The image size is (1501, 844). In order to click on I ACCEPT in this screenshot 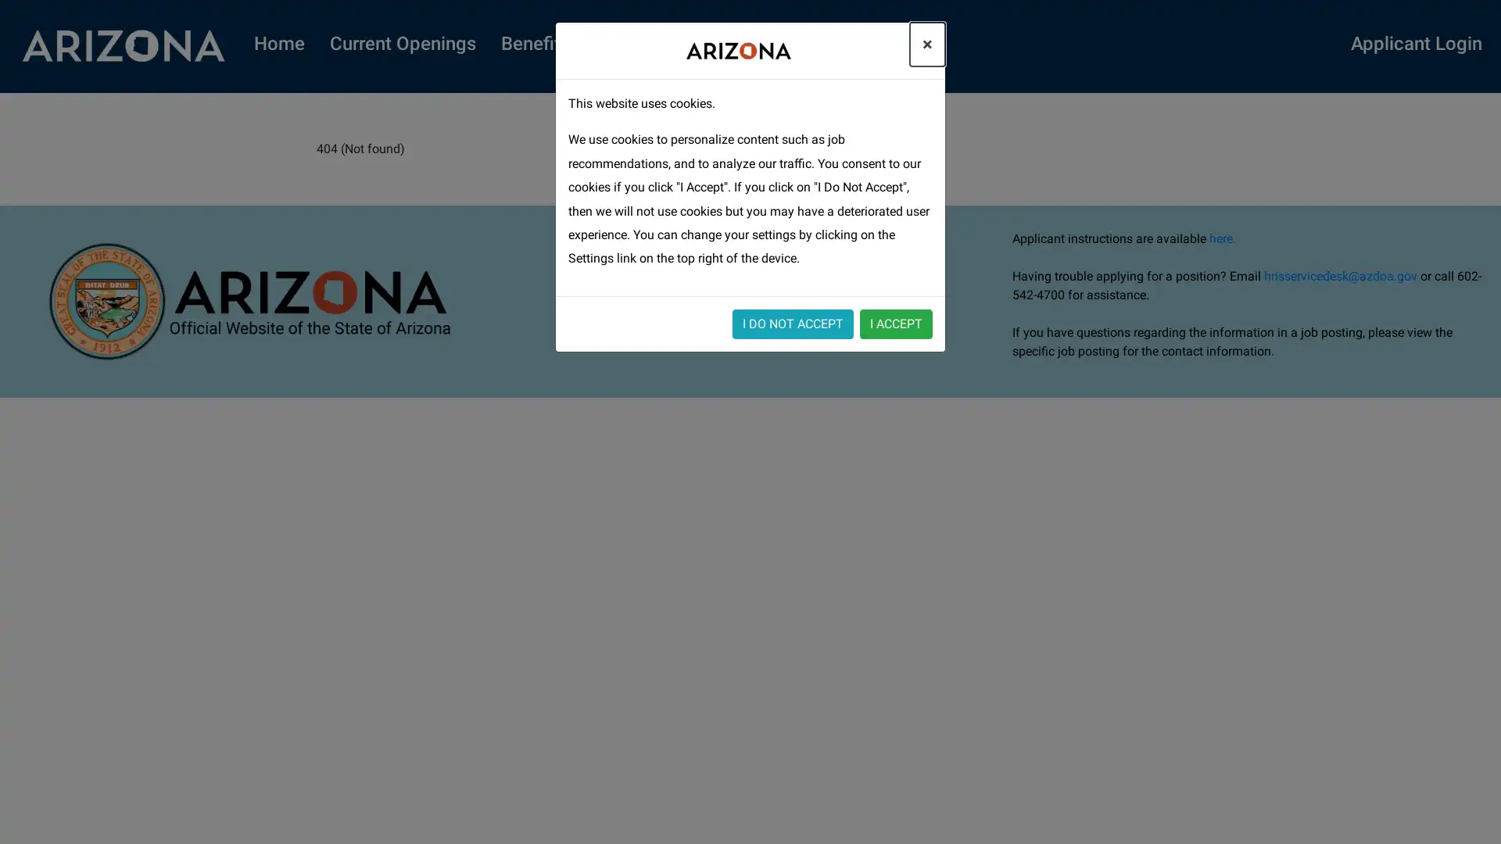, I will do `click(896, 322)`.